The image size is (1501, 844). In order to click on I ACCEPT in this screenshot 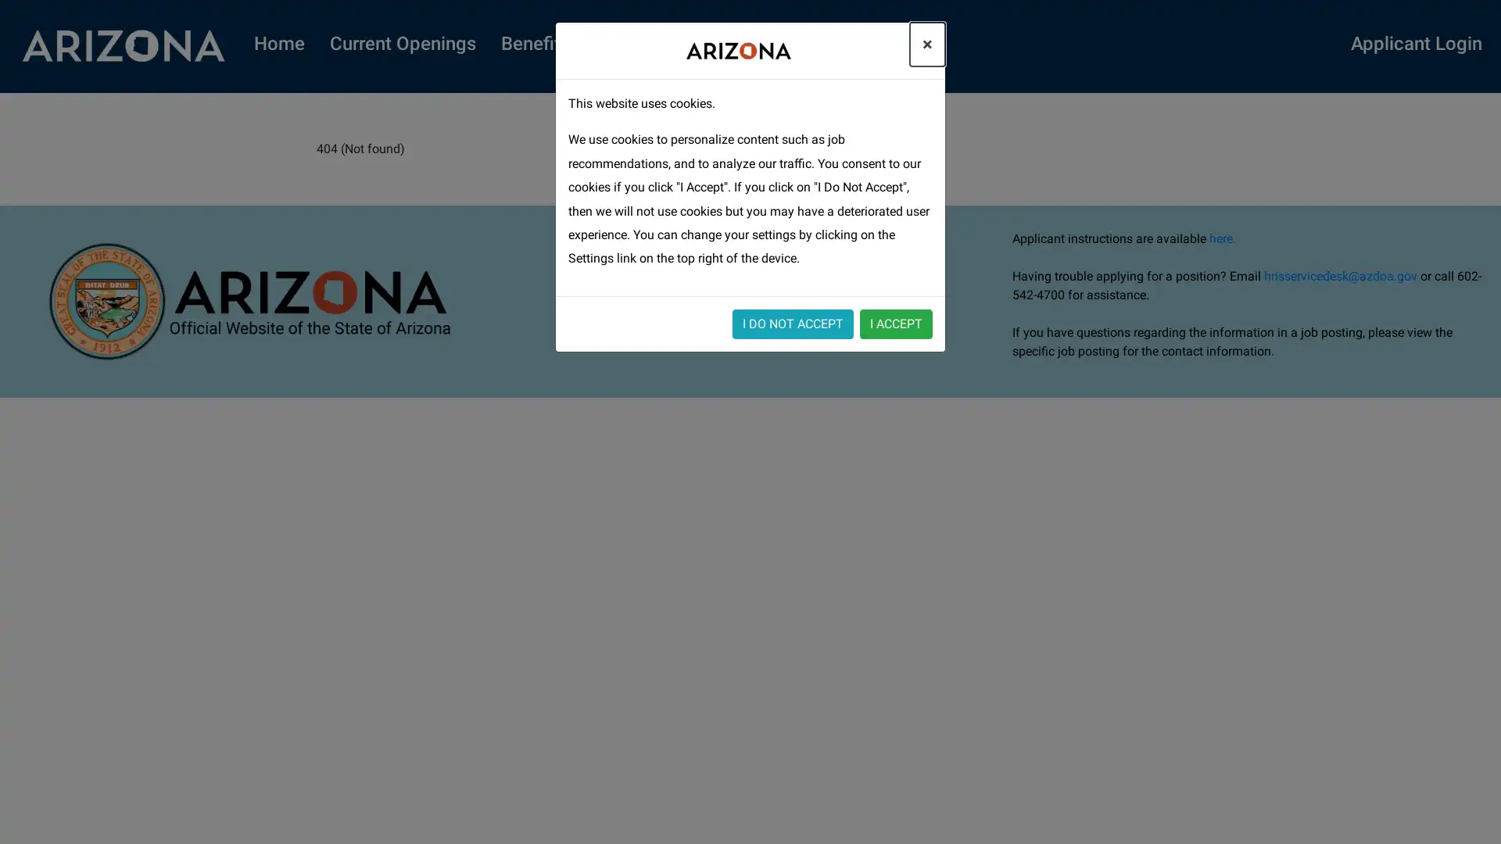, I will do `click(896, 322)`.